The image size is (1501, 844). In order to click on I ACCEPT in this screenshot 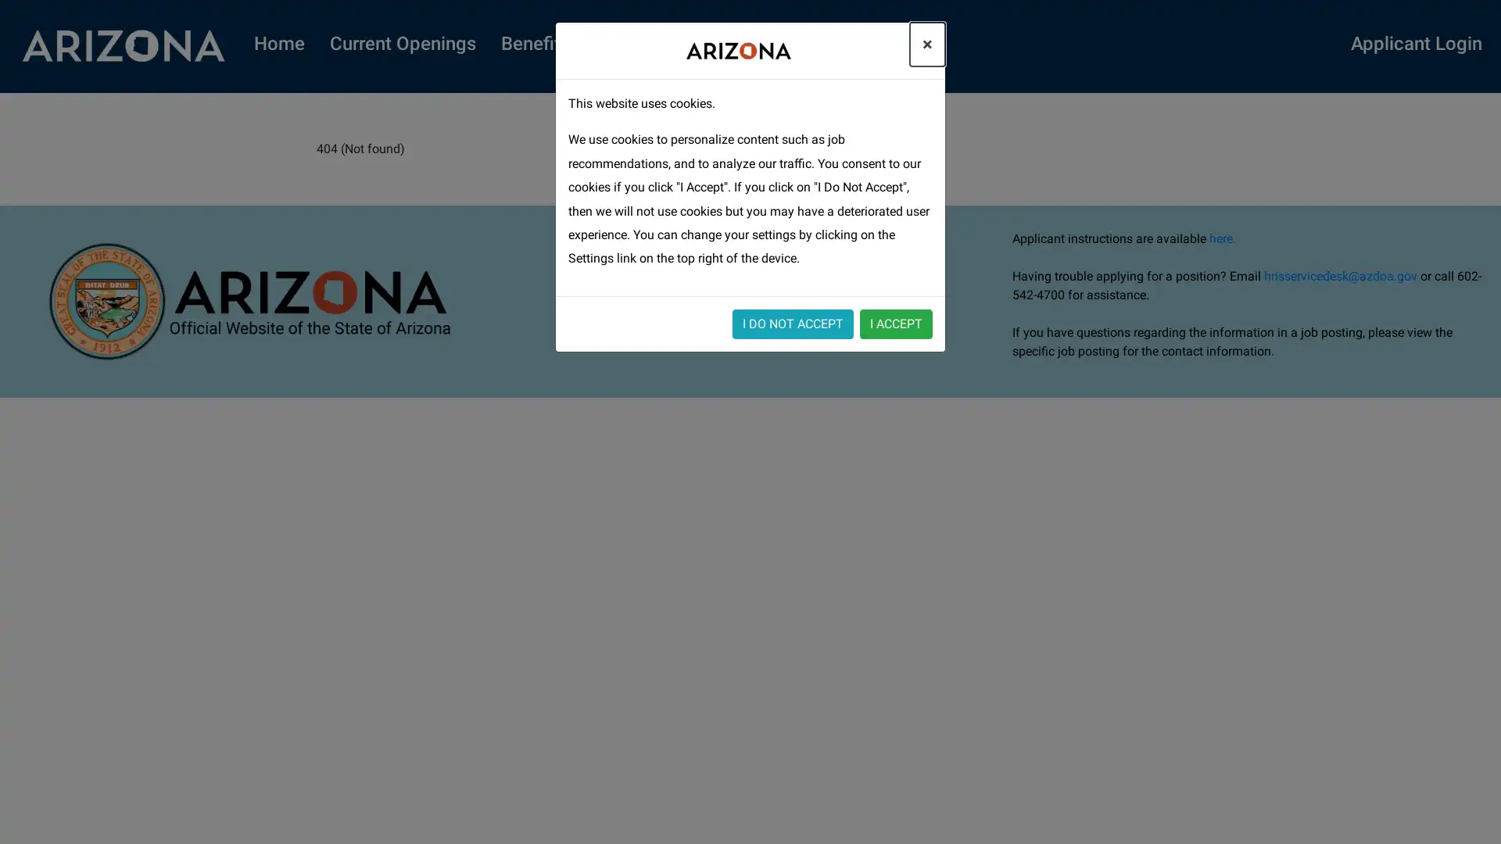, I will do `click(896, 322)`.